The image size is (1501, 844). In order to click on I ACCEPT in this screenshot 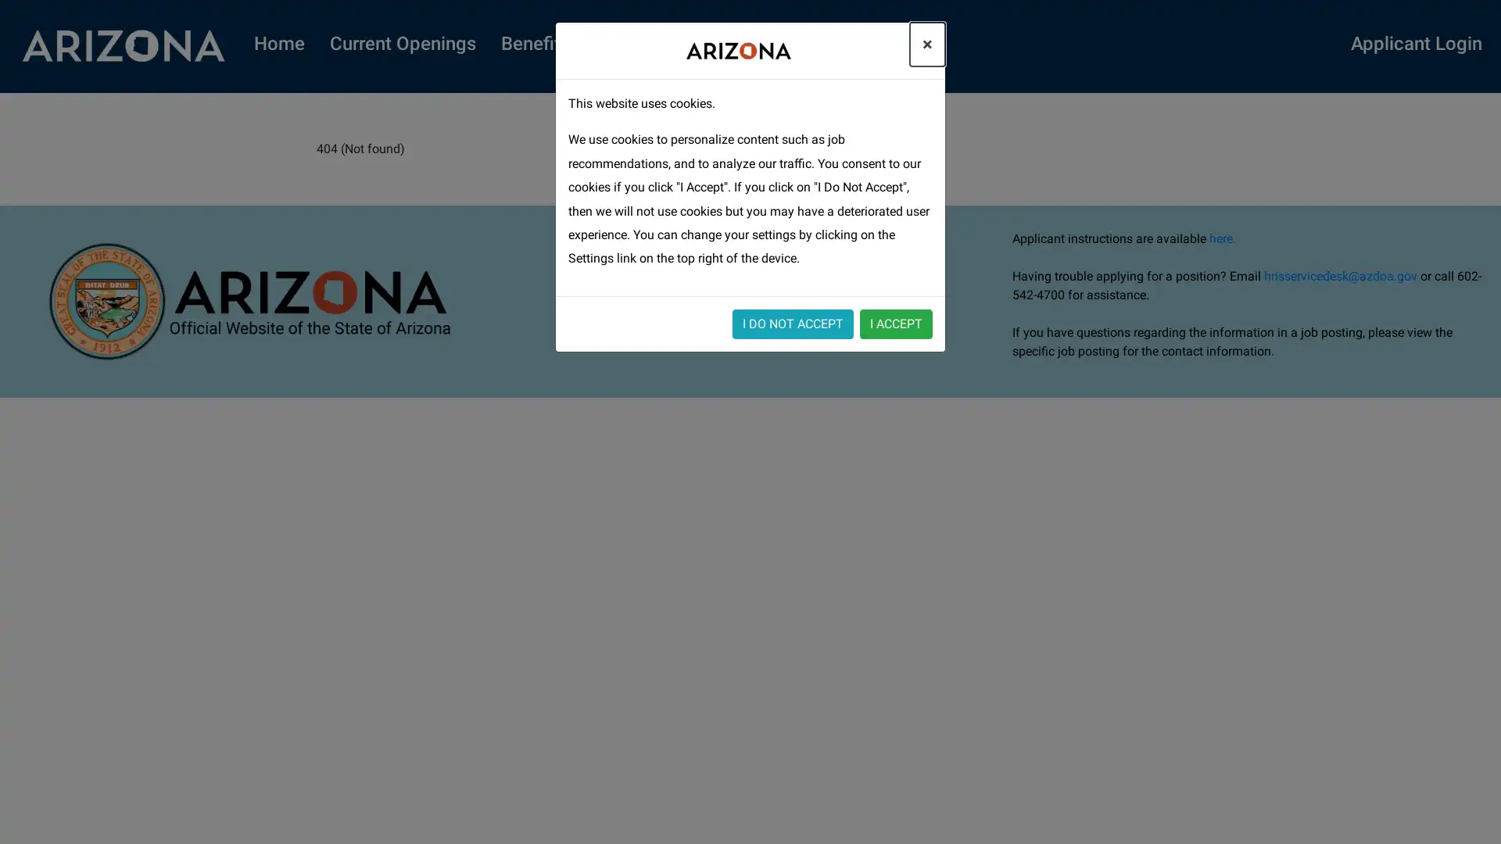, I will do `click(896, 322)`.